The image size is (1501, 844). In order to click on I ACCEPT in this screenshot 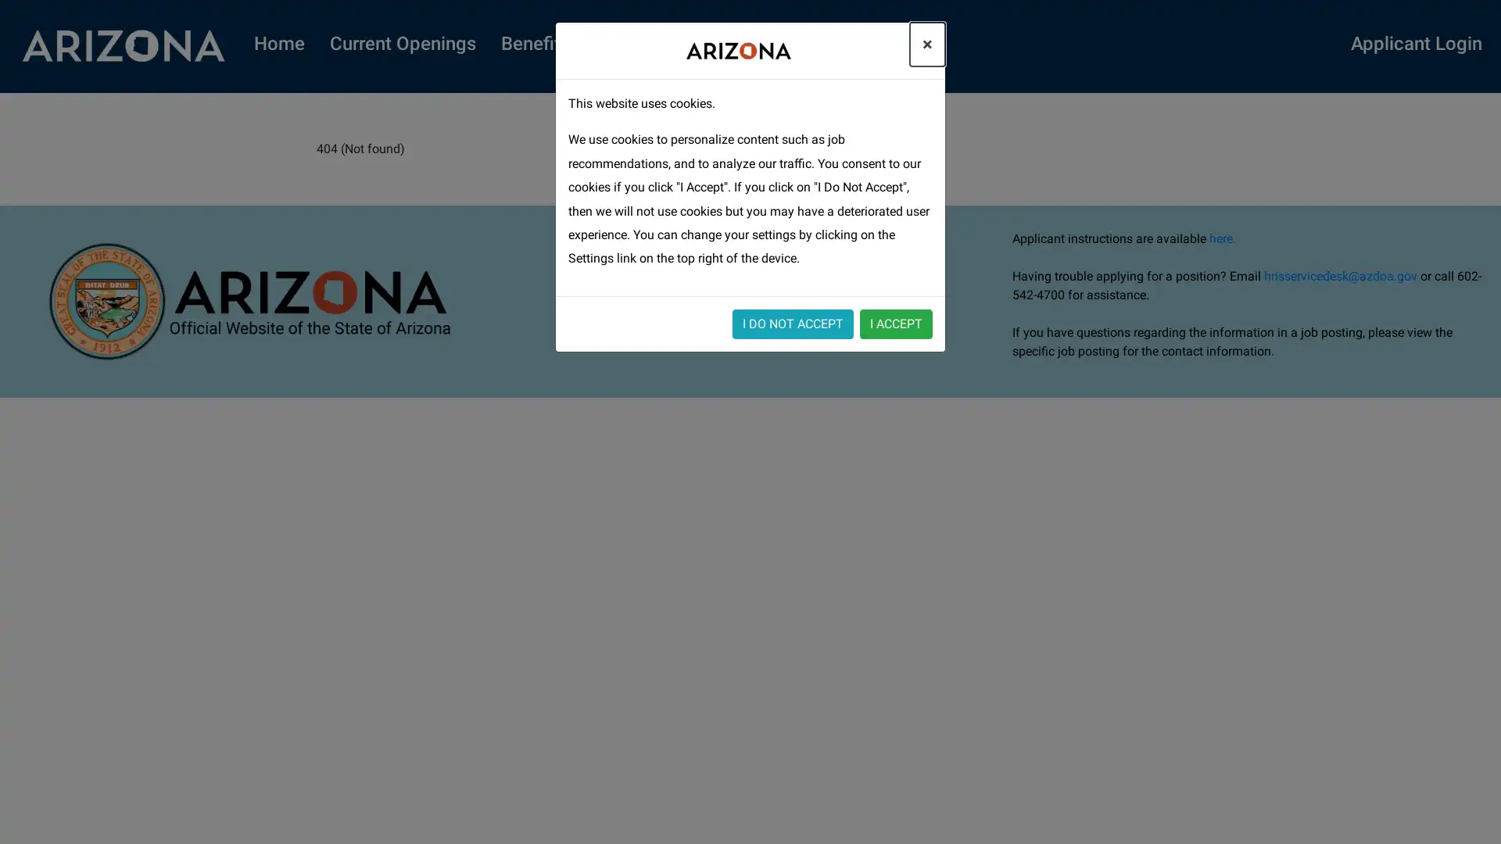, I will do `click(896, 322)`.